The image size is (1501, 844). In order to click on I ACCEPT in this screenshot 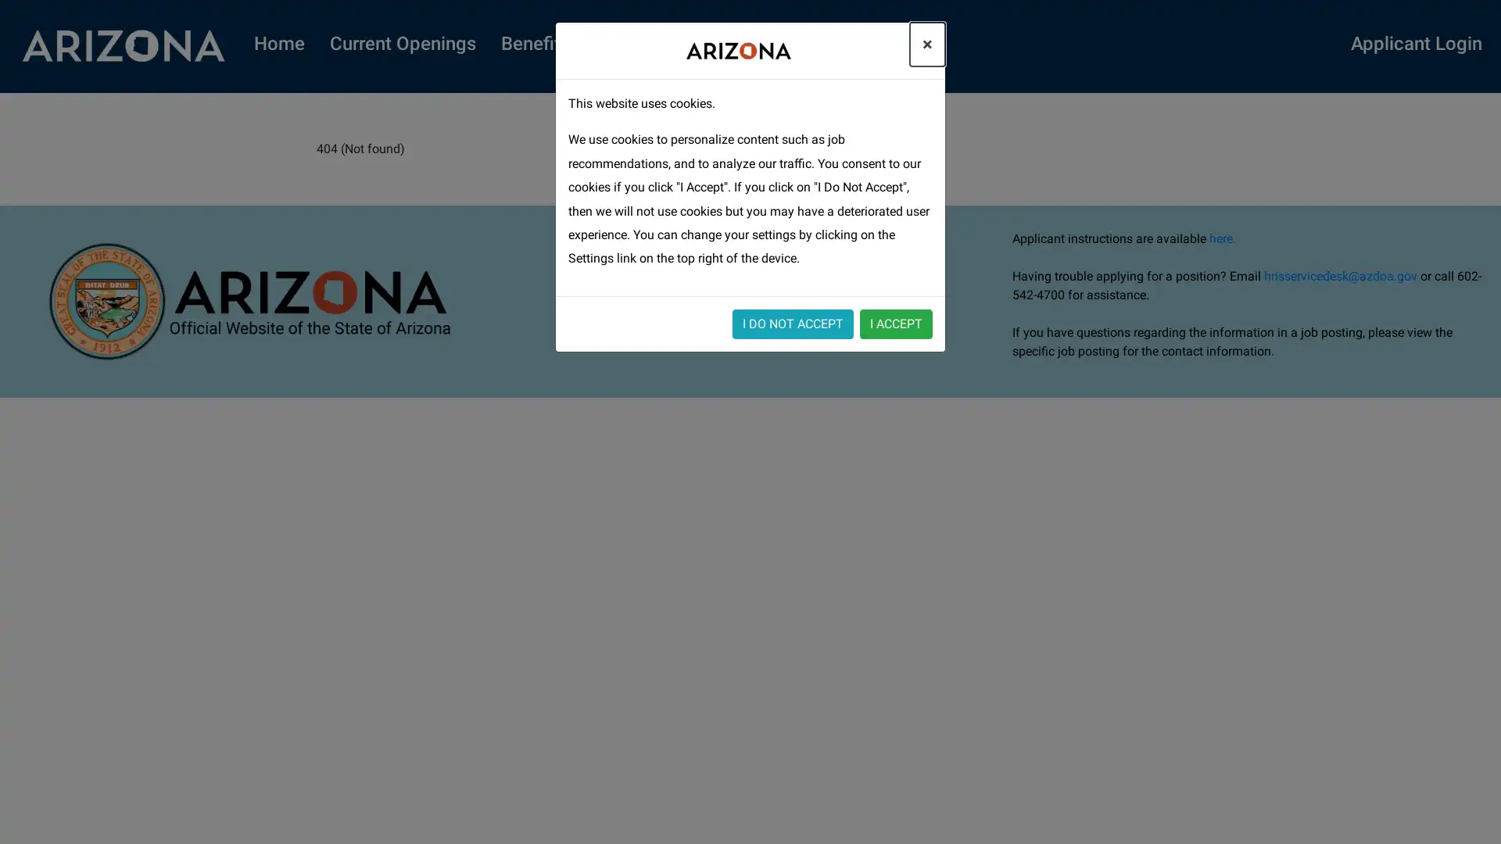, I will do `click(896, 322)`.